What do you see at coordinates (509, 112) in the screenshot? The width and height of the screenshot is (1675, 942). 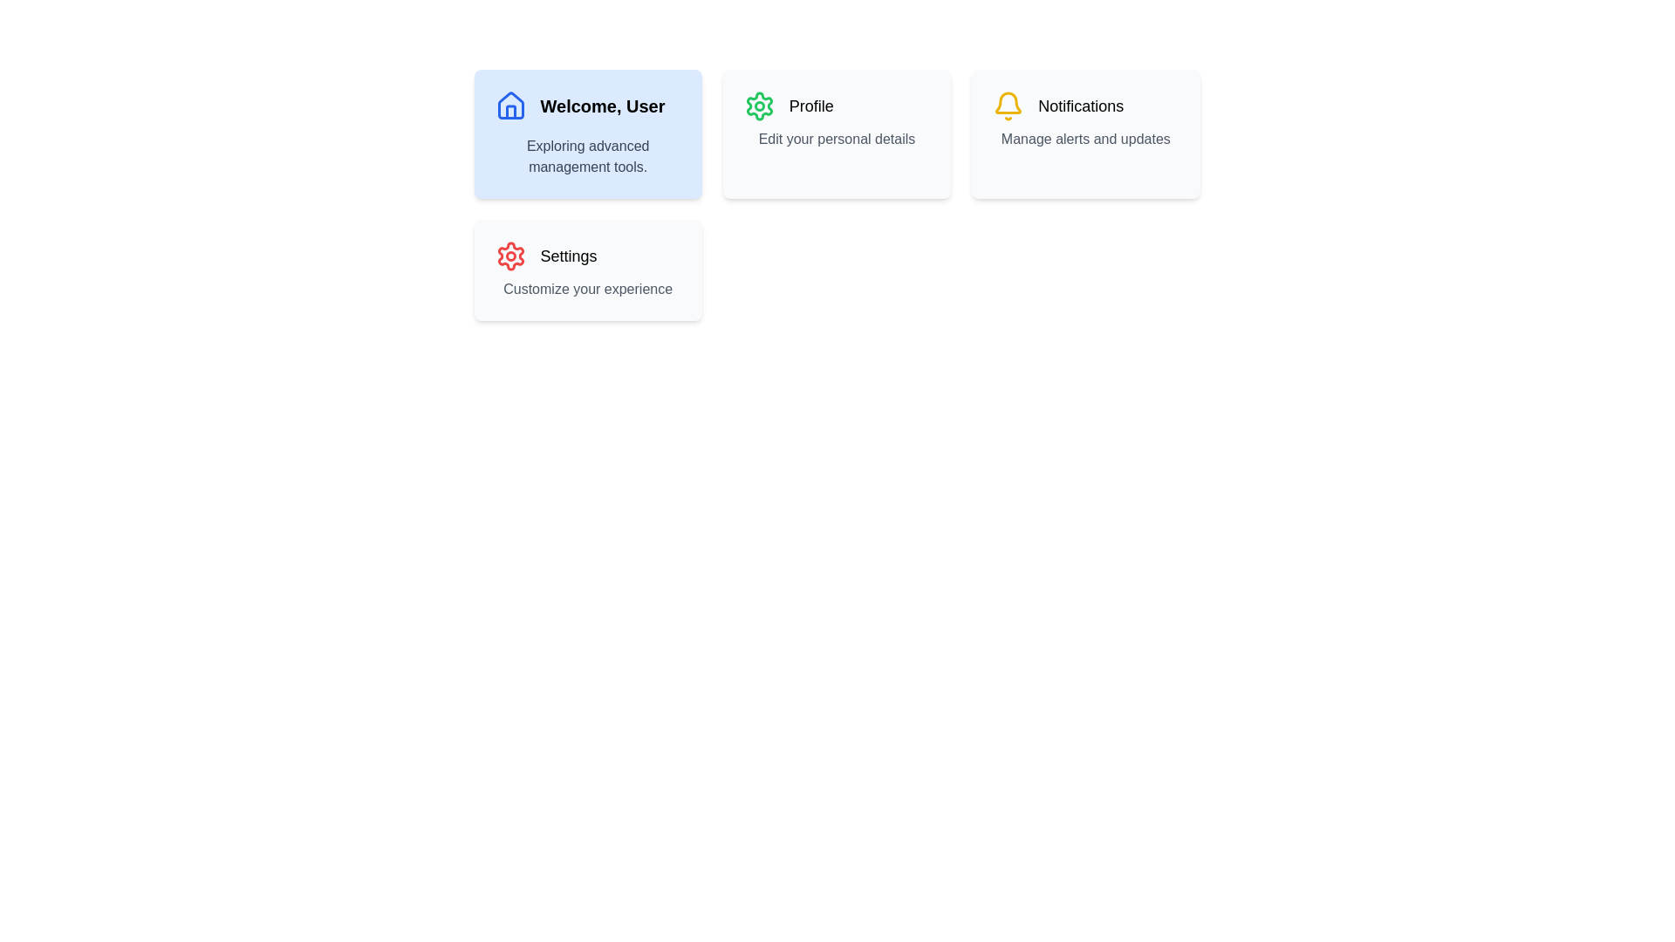 I see `the icon representing the Welcome card, which signifies navigation or a starting point within the interface, located on the upper left of the section containing multiple cards` at bounding box center [509, 112].